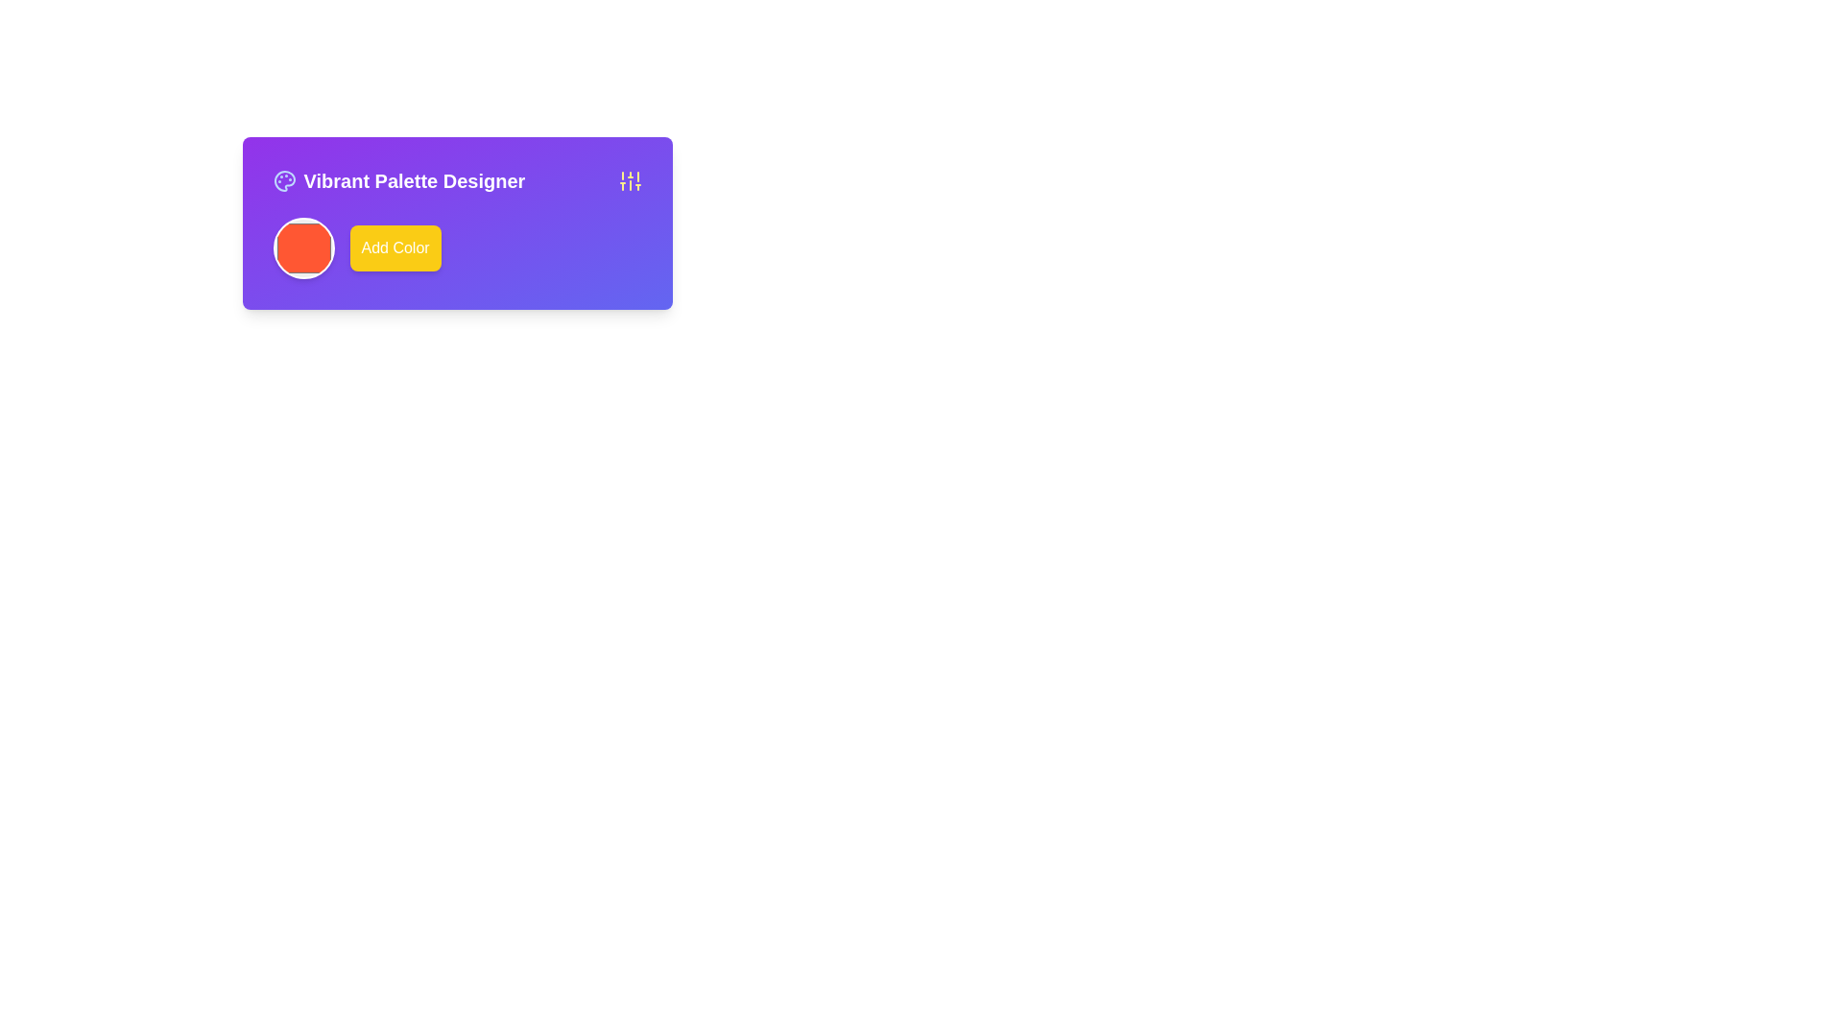  What do you see at coordinates (397, 181) in the screenshot?
I see `the static text label that serves as a title for designing color palettes, centrally positioned within a purple rectangular section at the top of the interface` at bounding box center [397, 181].